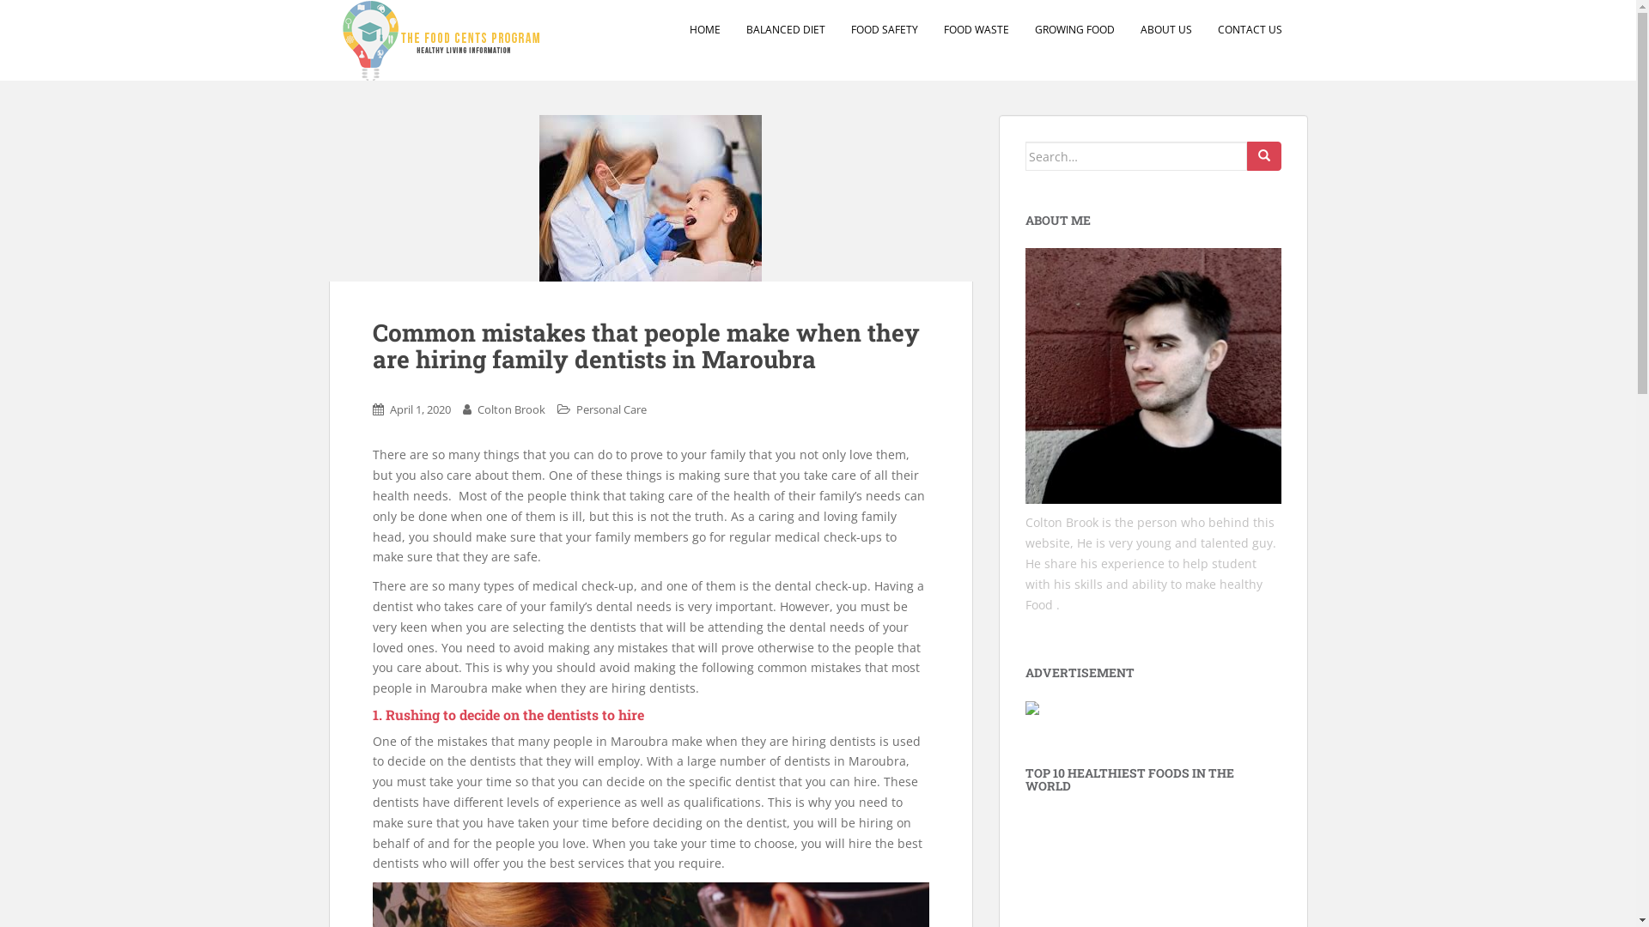 Image resolution: width=1649 pixels, height=927 pixels. Describe the element at coordinates (1166, 29) in the screenshot. I see `'ABOUT US'` at that location.